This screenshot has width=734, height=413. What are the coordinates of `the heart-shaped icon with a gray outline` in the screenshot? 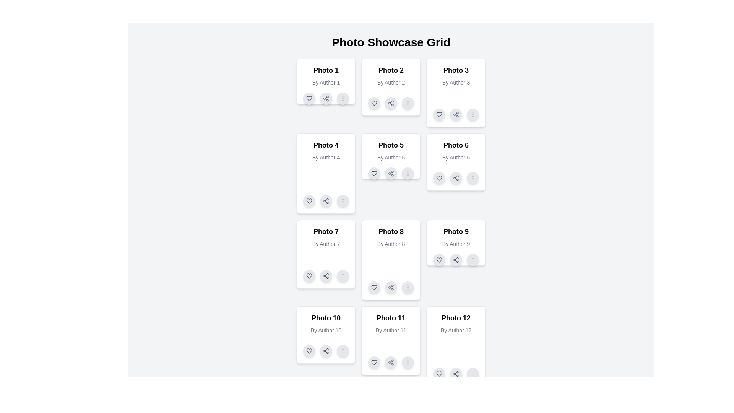 It's located at (439, 178).